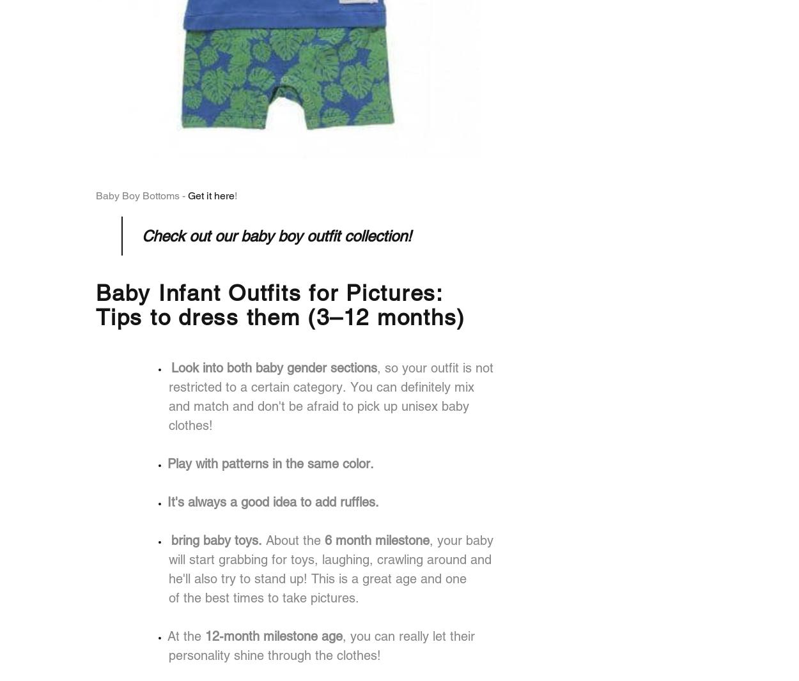  I want to click on ', your baby will start grabbing for toys, laughing, crawling around and he'll also try to stand up! This is a great age and one of the best times to take pictures.', so click(169, 569).